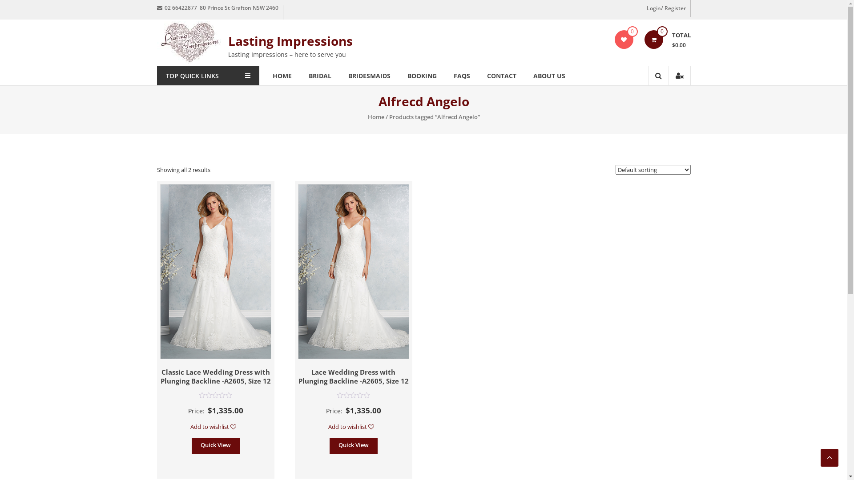 This screenshot has width=854, height=480. Describe the element at coordinates (653, 39) in the screenshot. I see `'0'` at that location.